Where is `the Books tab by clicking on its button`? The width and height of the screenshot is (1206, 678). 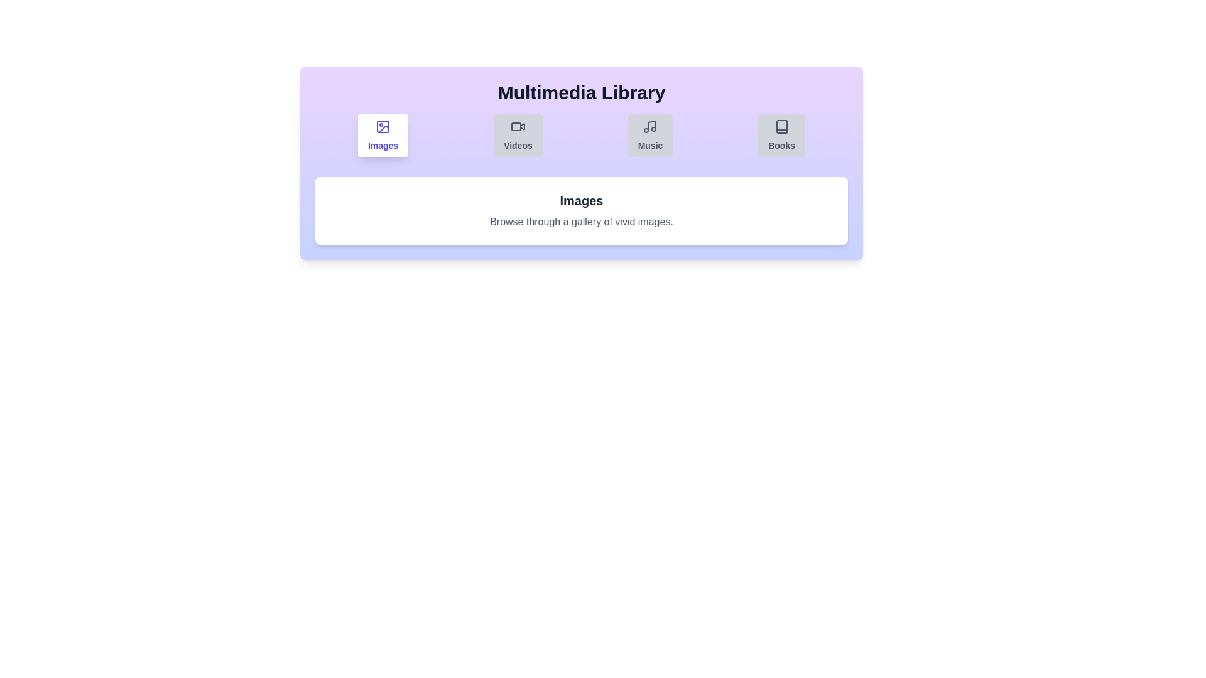
the Books tab by clicking on its button is located at coordinates (781, 136).